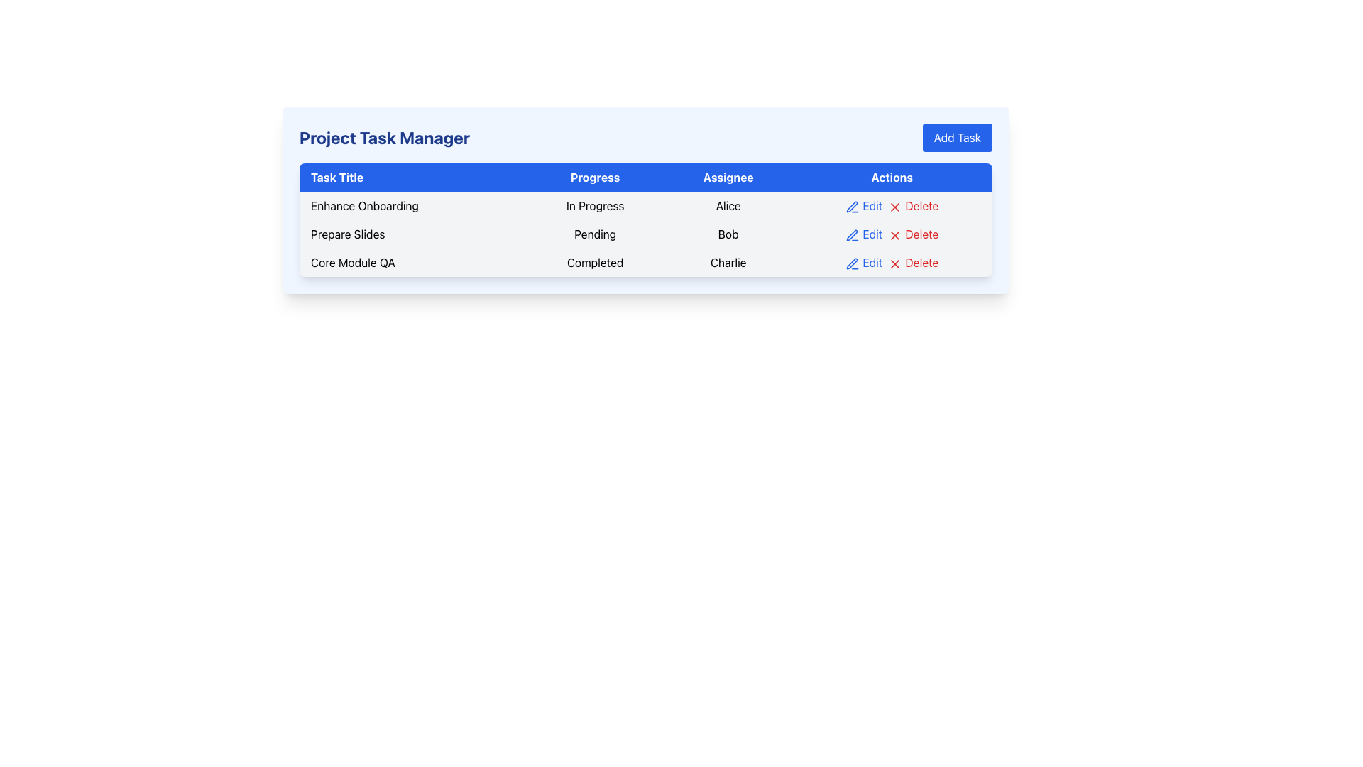 Image resolution: width=1363 pixels, height=767 pixels. What do you see at coordinates (891, 234) in the screenshot?
I see `the 'Delete' link in the Actions column of the table for the task 'Prepare Slides' assigned to 'Bob' with status 'Pending'` at bounding box center [891, 234].